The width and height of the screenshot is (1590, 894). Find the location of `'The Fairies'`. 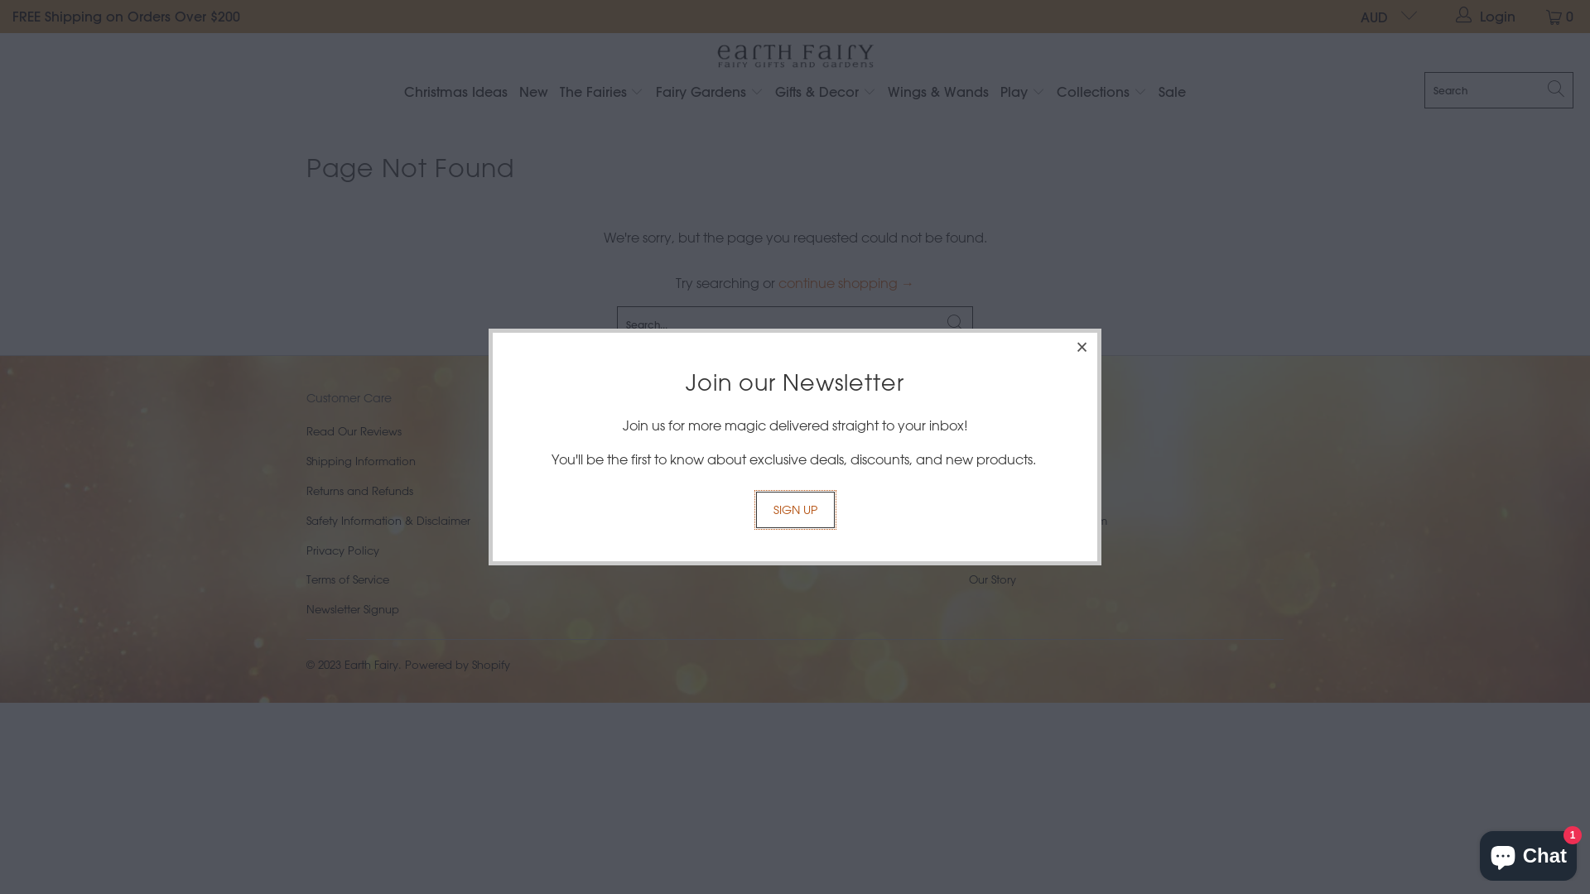

'The Fairies' is located at coordinates (600, 93).